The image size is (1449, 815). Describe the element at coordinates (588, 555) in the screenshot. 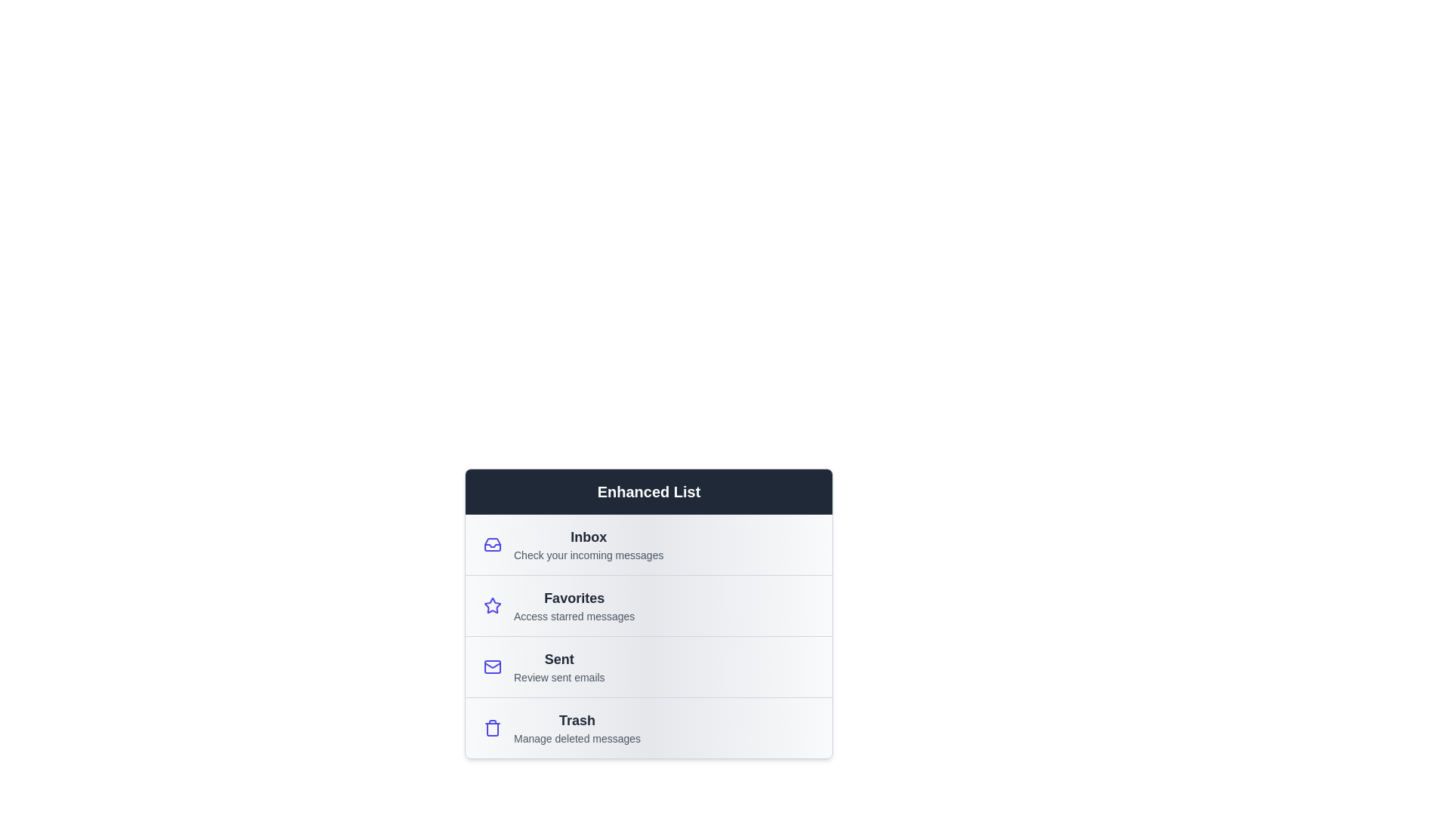

I see `supplementary description text located beneath the 'Inbox' label in the first item of the vertically arranged navigation menu` at that location.